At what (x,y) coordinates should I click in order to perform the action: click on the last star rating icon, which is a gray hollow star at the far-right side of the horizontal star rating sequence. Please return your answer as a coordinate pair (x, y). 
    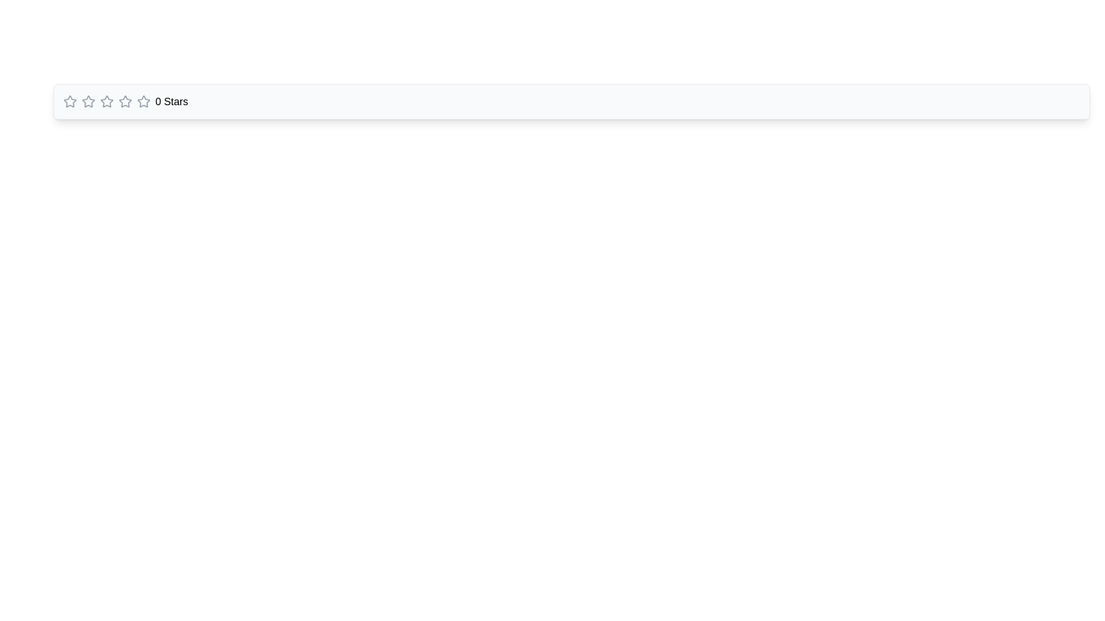
    Looking at the image, I should click on (143, 101).